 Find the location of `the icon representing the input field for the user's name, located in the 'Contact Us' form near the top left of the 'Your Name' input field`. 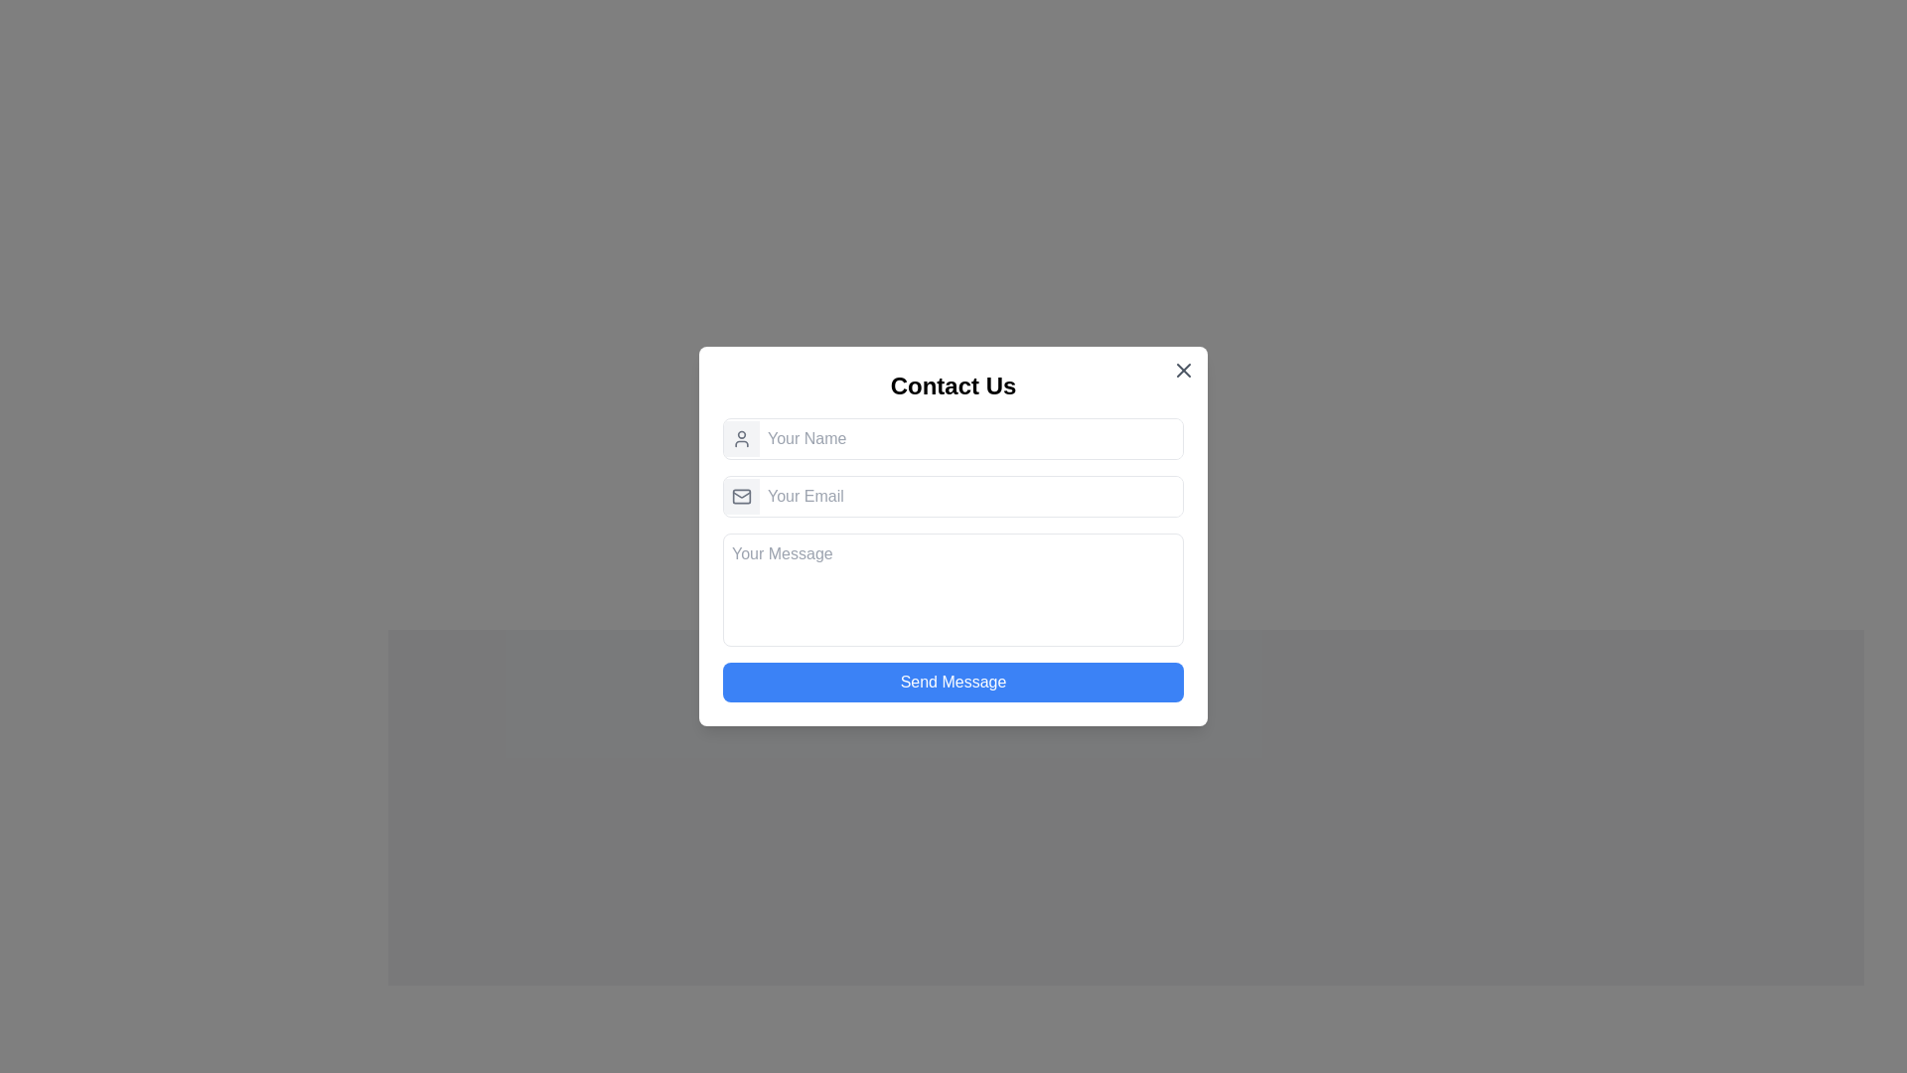

the icon representing the input field for the user's name, located in the 'Contact Us' form near the top left of the 'Your Name' input field is located at coordinates (741, 438).